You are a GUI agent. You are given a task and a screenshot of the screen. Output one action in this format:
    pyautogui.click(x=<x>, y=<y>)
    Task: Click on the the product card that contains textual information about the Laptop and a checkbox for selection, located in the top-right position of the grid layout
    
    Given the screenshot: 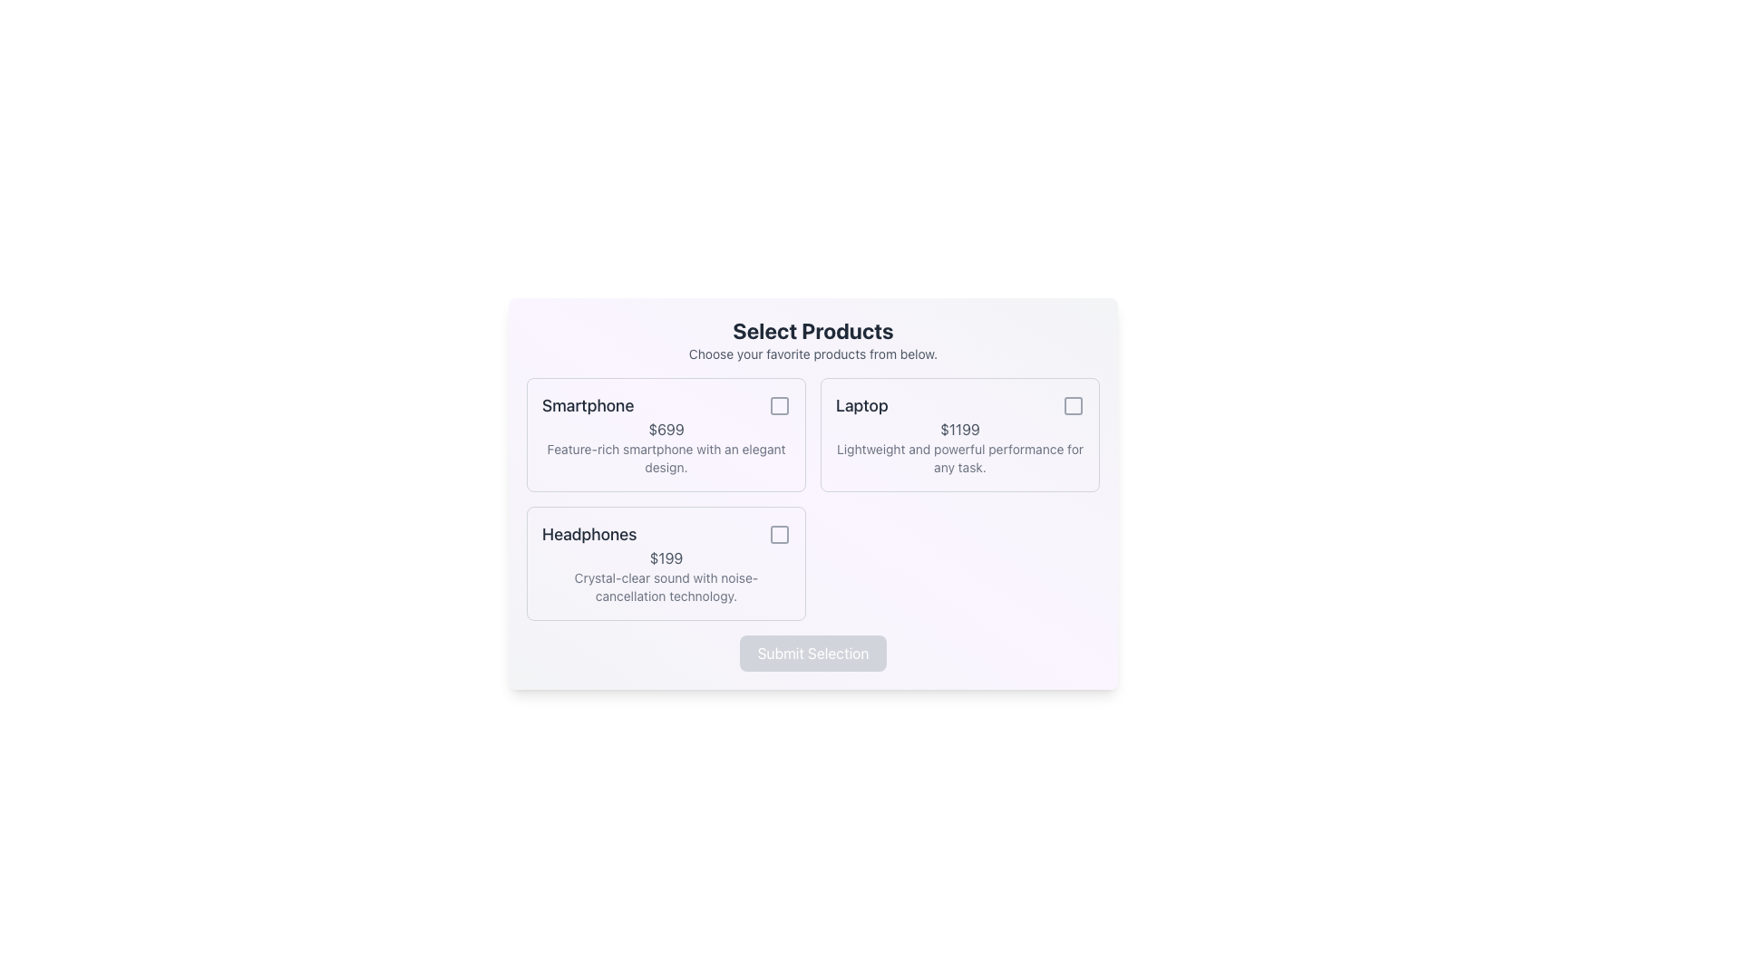 What is the action you would take?
    pyautogui.click(x=959, y=434)
    